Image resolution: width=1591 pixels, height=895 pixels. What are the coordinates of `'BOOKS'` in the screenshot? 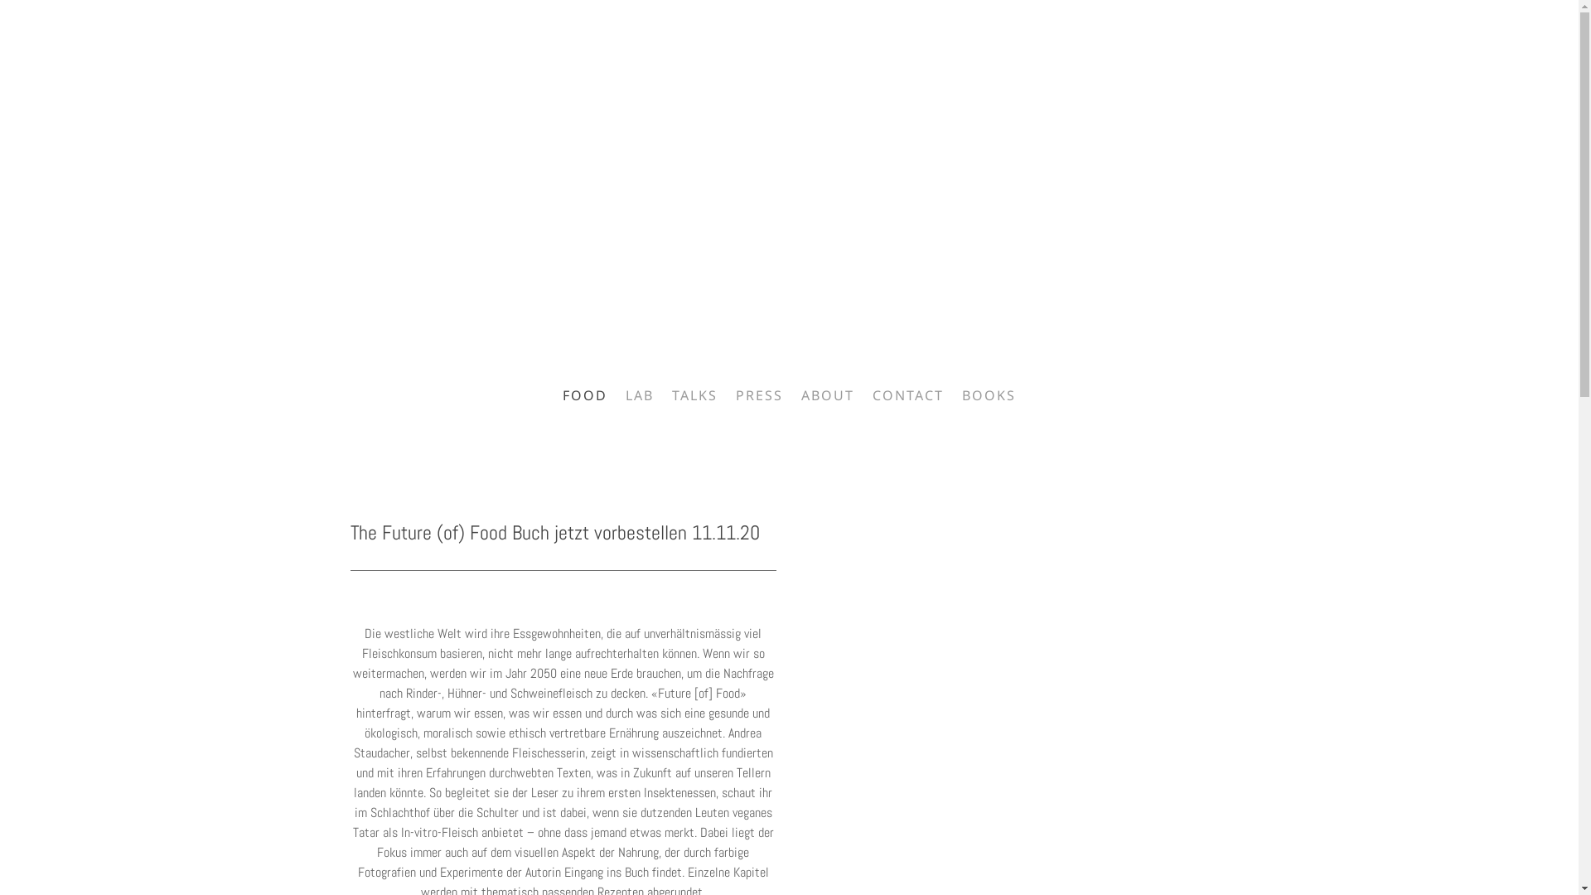 It's located at (989, 395).